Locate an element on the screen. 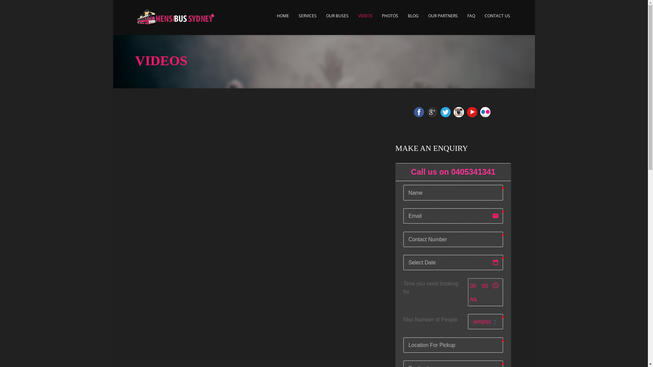  'OUR PARTNERS' is located at coordinates (443, 19).